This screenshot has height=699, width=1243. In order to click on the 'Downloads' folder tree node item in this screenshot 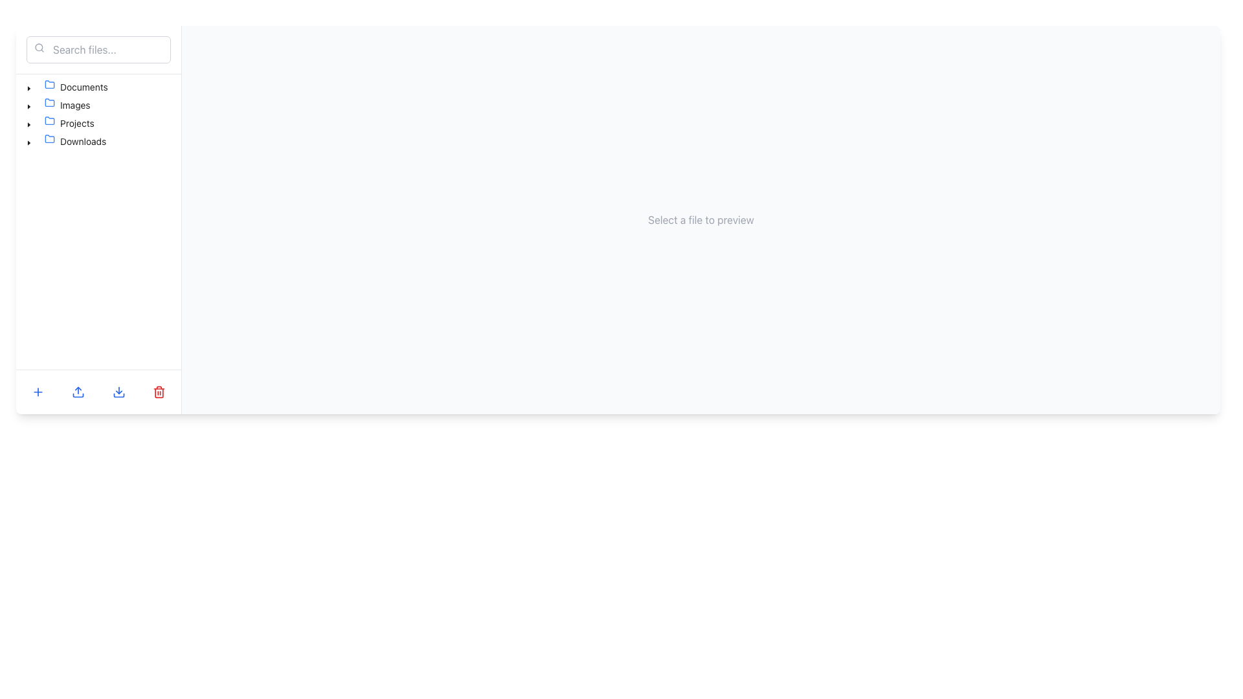, I will do `click(65, 142)`.